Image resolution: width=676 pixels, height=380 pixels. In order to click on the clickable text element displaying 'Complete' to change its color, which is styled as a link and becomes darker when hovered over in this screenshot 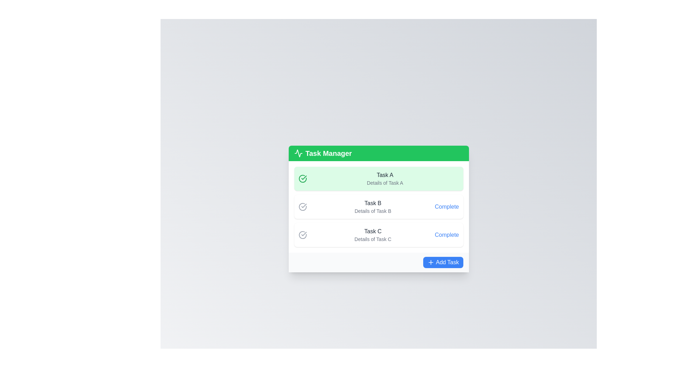, I will do `click(446, 206)`.